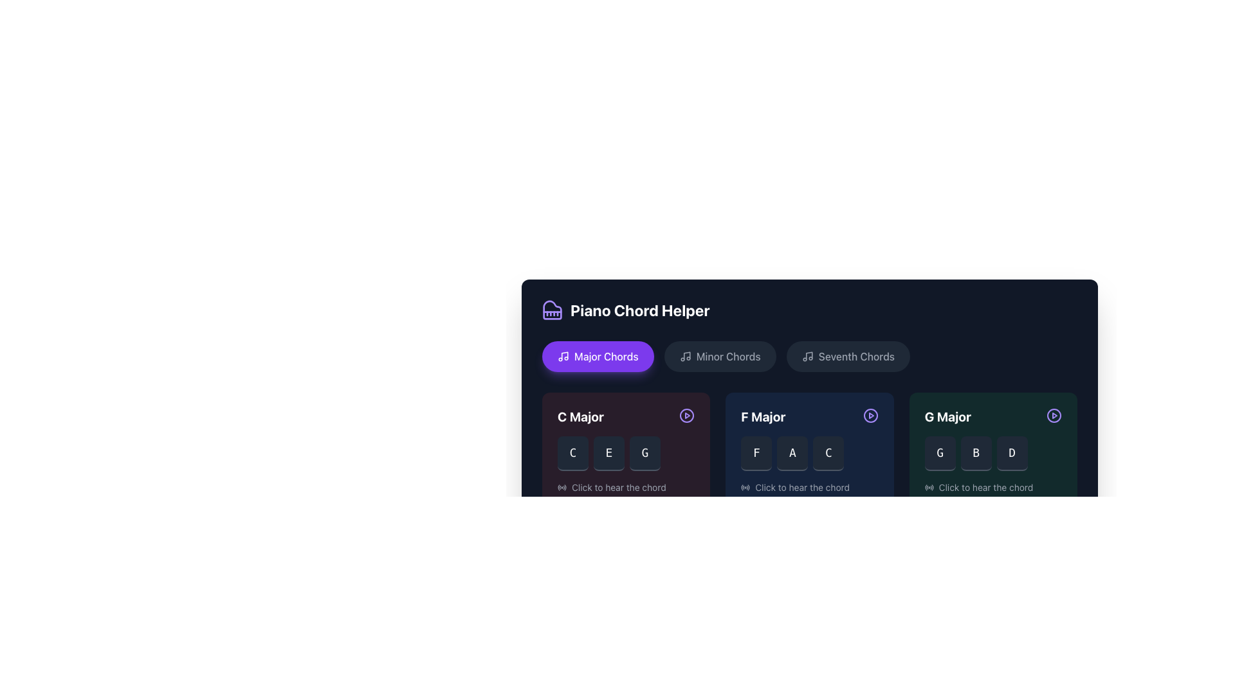 The height and width of the screenshot is (694, 1235). What do you see at coordinates (792, 452) in the screenshot?
I see `the musical note button representing the 'A' note within the 'F Major' chord section` at bounding box center [792, 452].